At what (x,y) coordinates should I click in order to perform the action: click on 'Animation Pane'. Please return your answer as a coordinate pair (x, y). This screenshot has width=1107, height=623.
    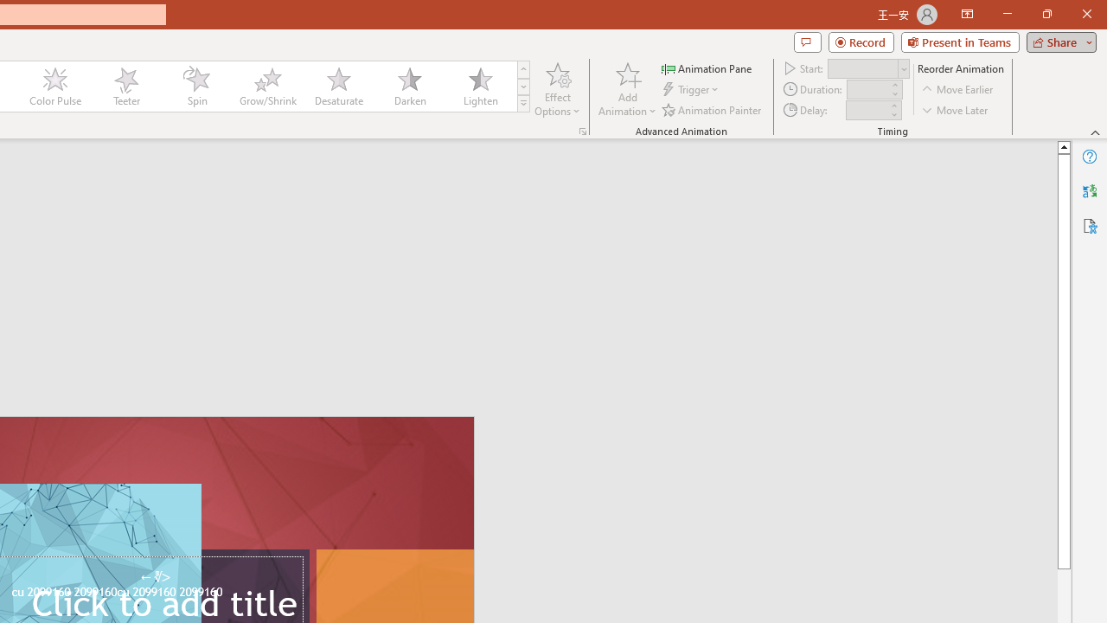
    Looking at the image, I should click on (707, 67).